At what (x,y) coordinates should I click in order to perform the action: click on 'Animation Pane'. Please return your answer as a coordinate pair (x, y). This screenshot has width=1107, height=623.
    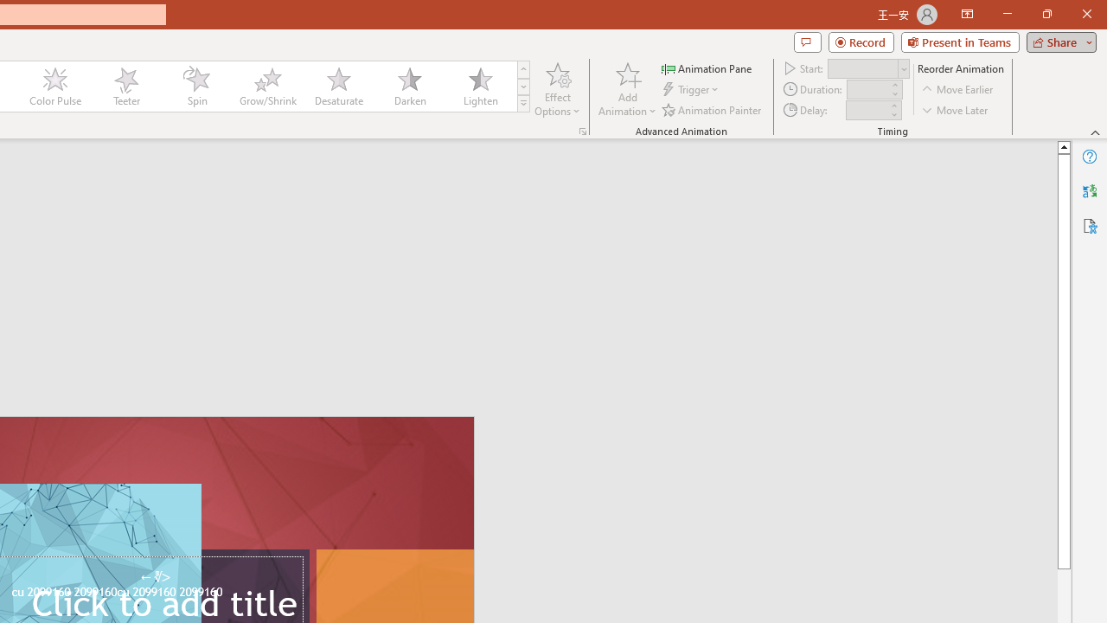
    Looking at the image, I should click on (707, 67).